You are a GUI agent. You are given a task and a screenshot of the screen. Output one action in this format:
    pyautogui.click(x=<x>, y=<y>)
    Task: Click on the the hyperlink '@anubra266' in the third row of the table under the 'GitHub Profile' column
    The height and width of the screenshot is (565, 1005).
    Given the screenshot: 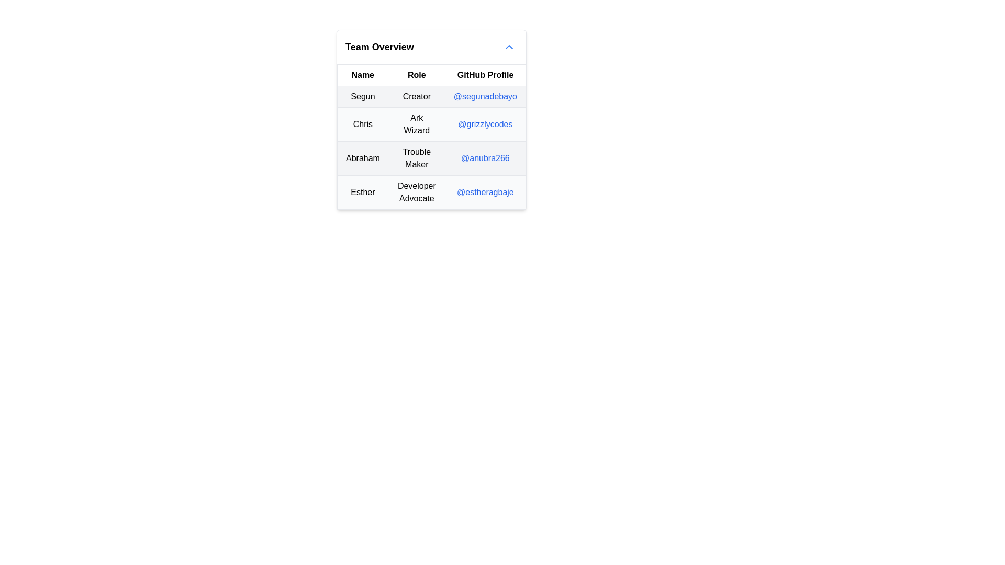 What is the action you would take?
    pyautogui.click(x=484, y=159)
    